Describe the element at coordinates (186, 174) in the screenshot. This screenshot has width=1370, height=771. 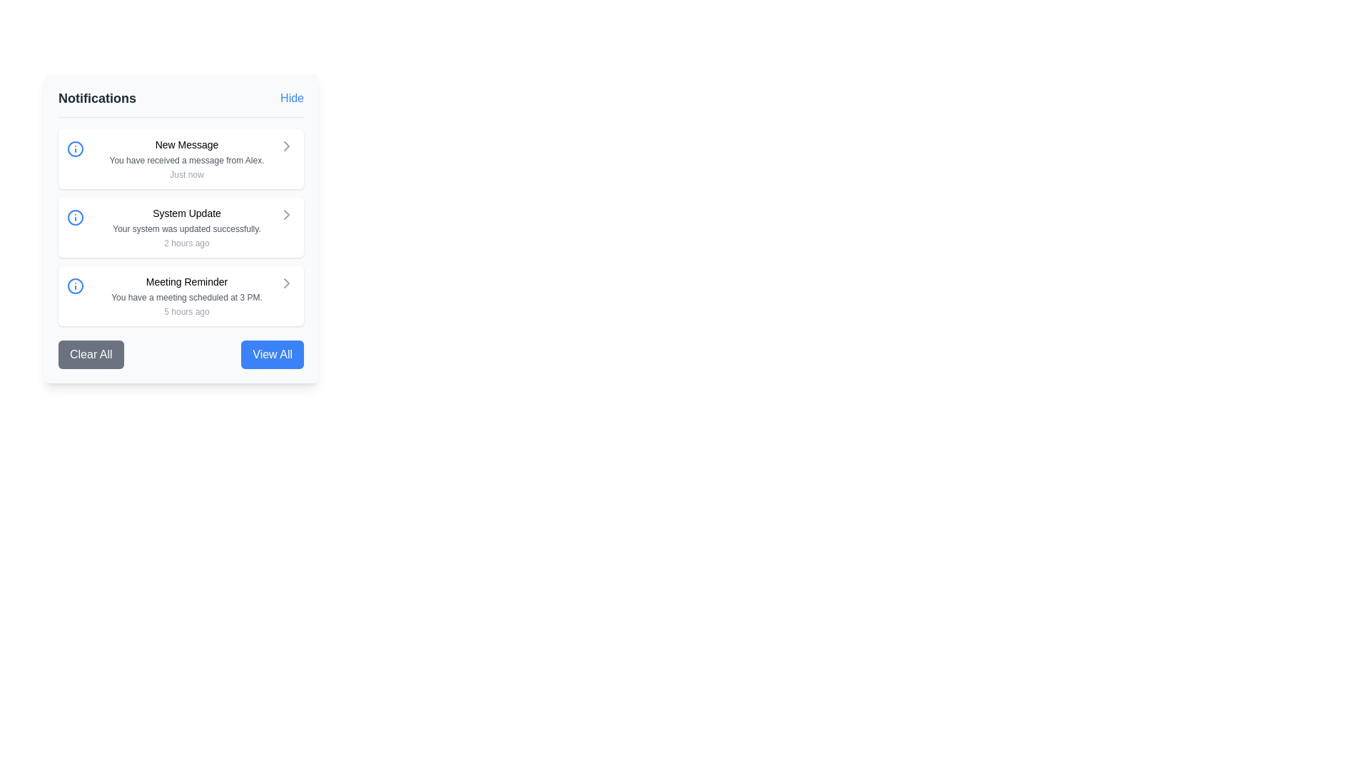
I see `the static text label reading 'Just now' located below the larger informational text 'You have received a message from Alex.' in the notification panel` at that location.